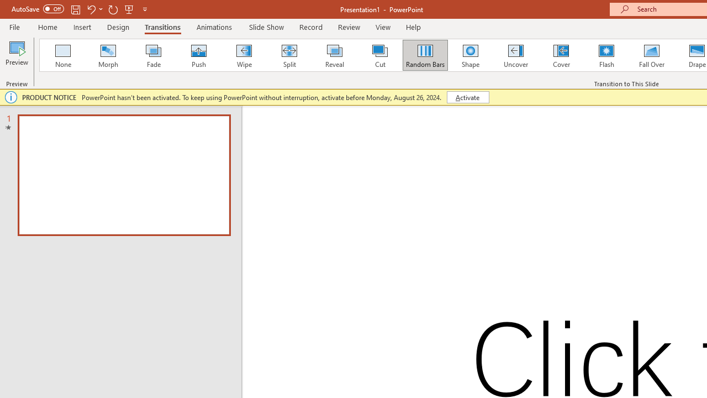 The width and height of the screenshot is (707, 398). Describe the element at coordinates (289, 55) in the screenshot. I see `'Split'` at that location.